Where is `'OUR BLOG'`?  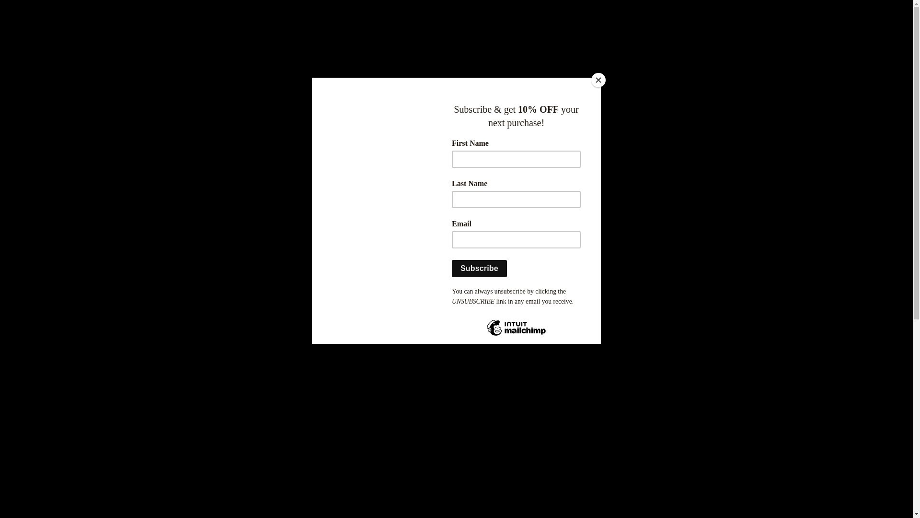 'OUR BLOG' is located at coordinates (642, 199).